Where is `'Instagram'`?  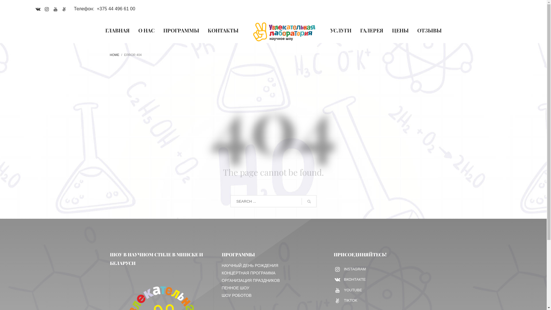
'Instagram' is located at coordinates (47, 9).